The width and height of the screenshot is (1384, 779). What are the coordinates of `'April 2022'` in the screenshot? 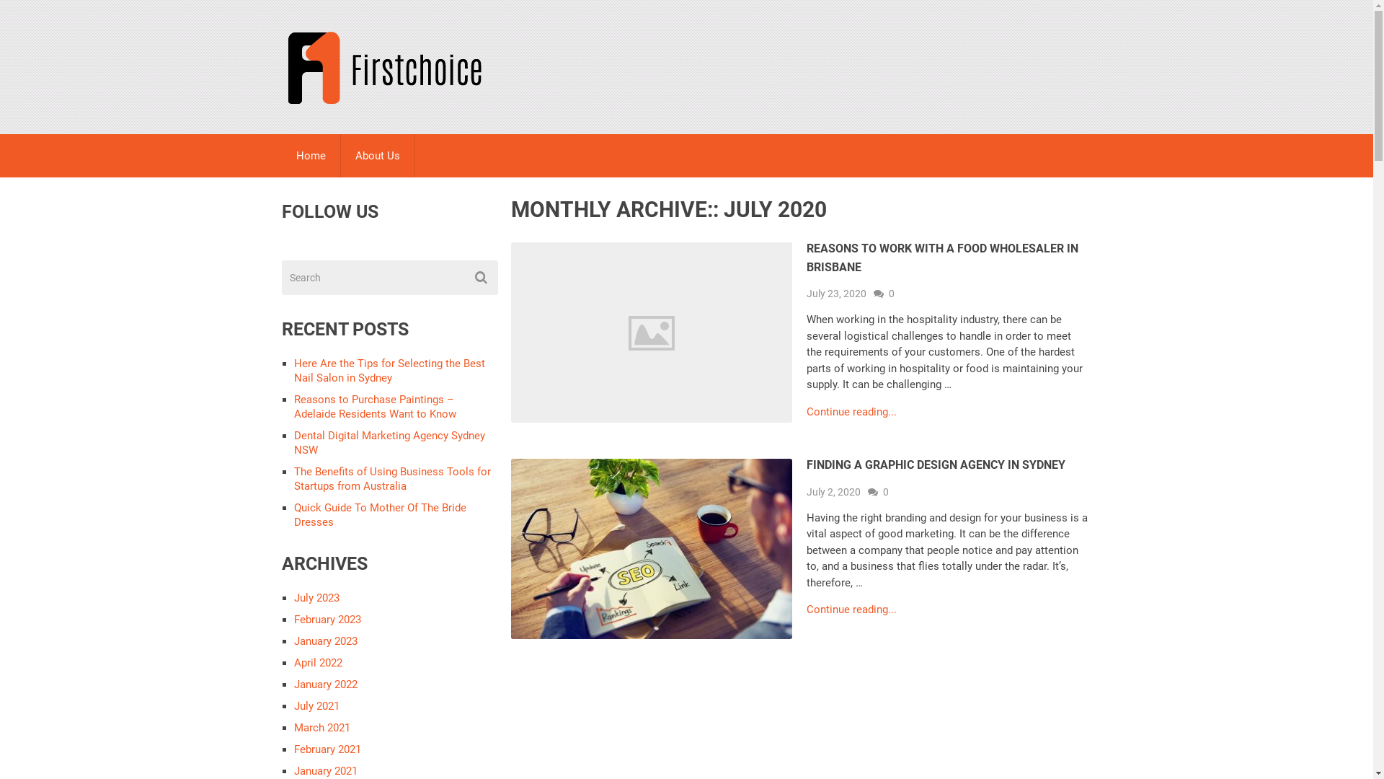 It's located at (293, 662).